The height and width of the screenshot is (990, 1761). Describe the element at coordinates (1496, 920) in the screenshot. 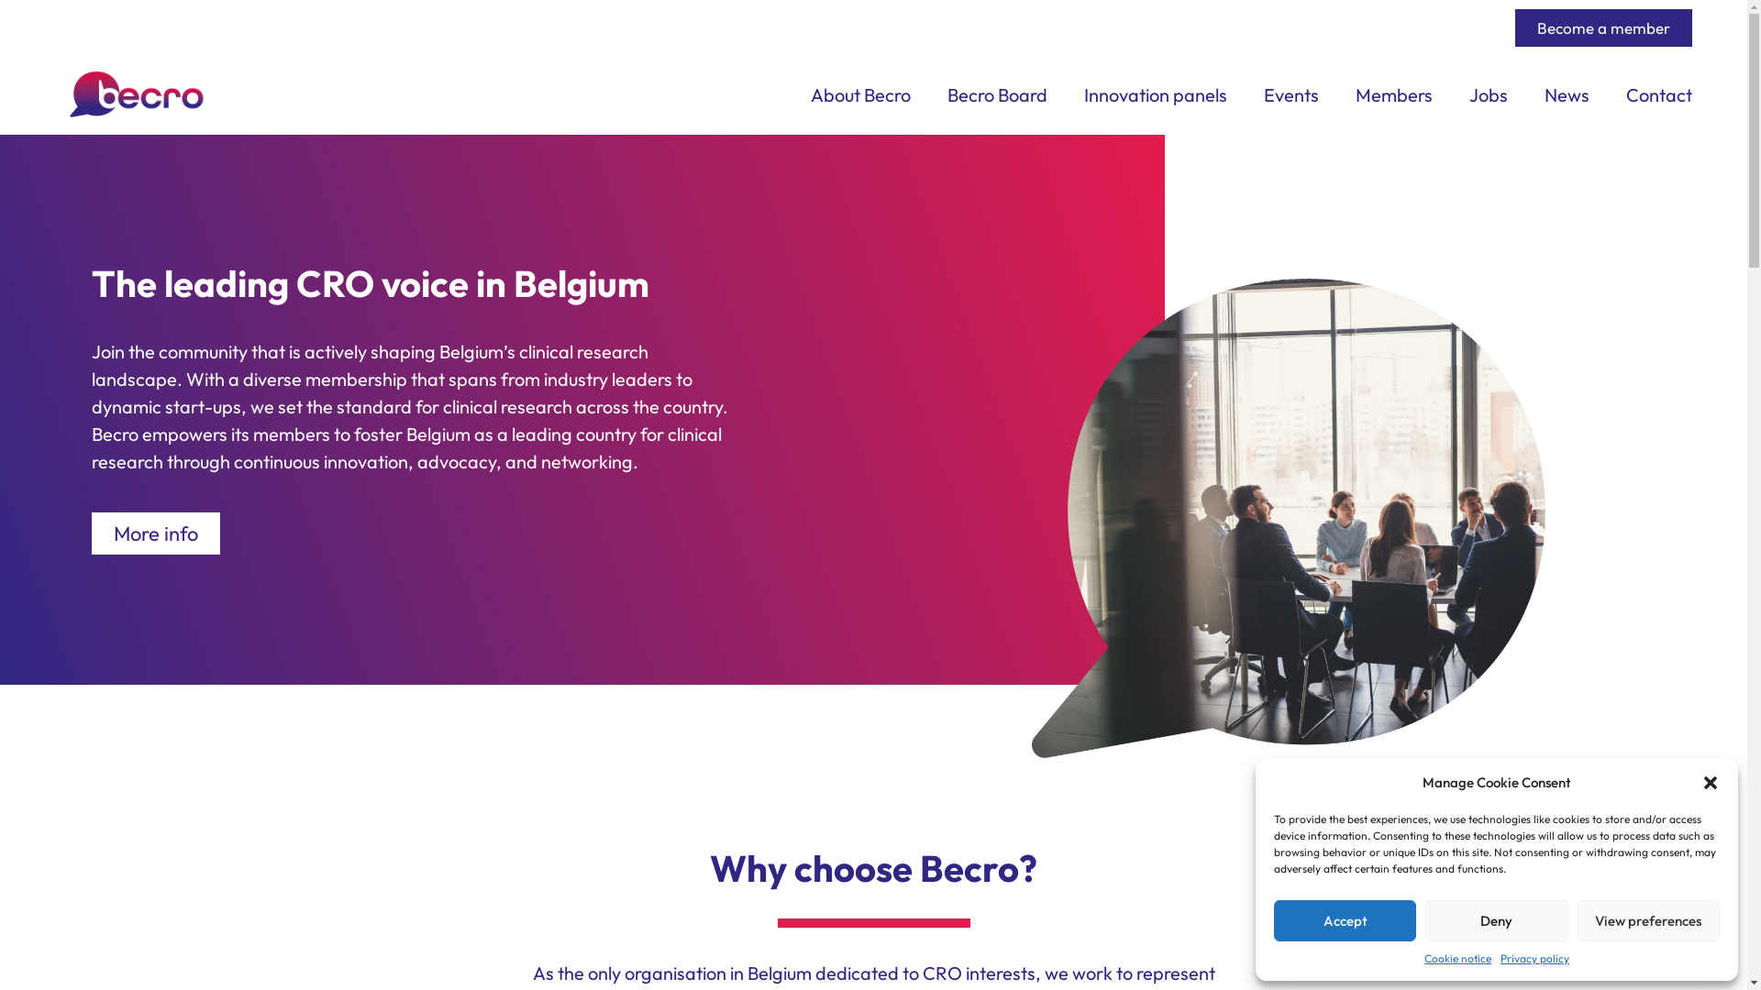

I see `'Deny'` at that location.